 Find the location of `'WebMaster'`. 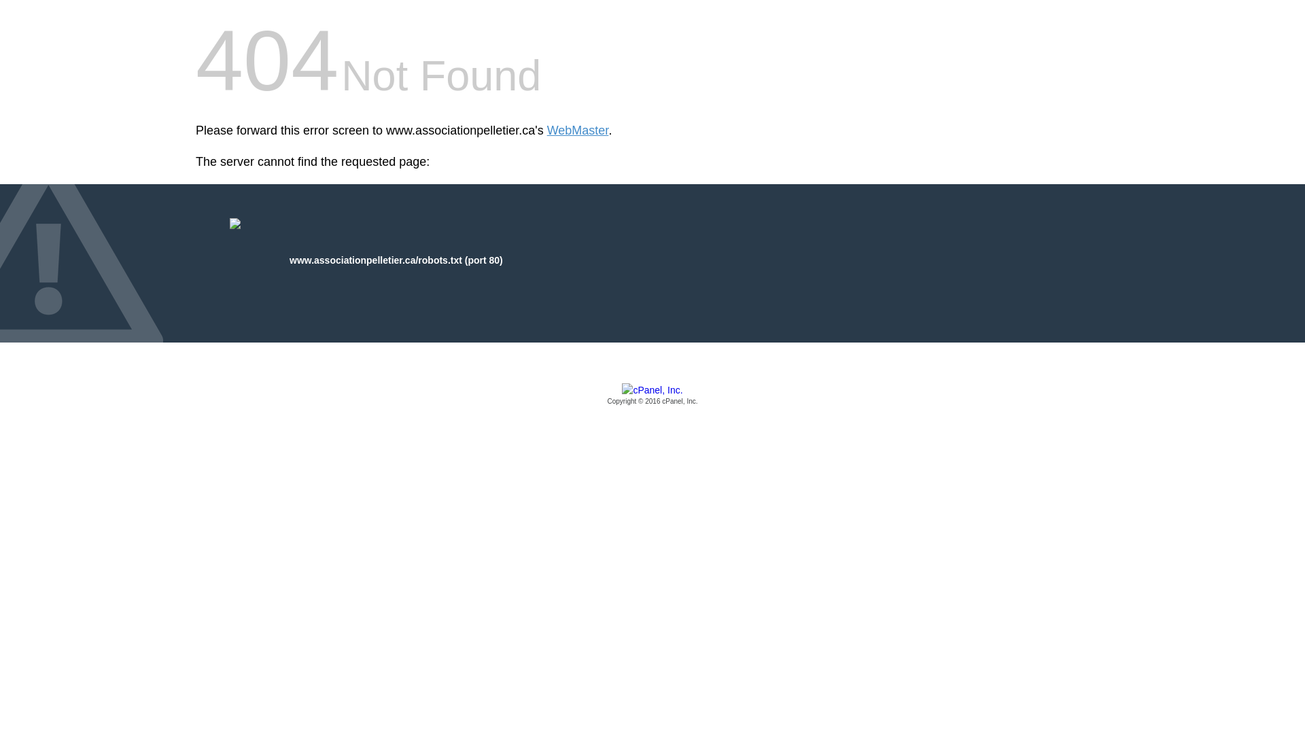

'WebMaster' is located at coordinates (578, 130).